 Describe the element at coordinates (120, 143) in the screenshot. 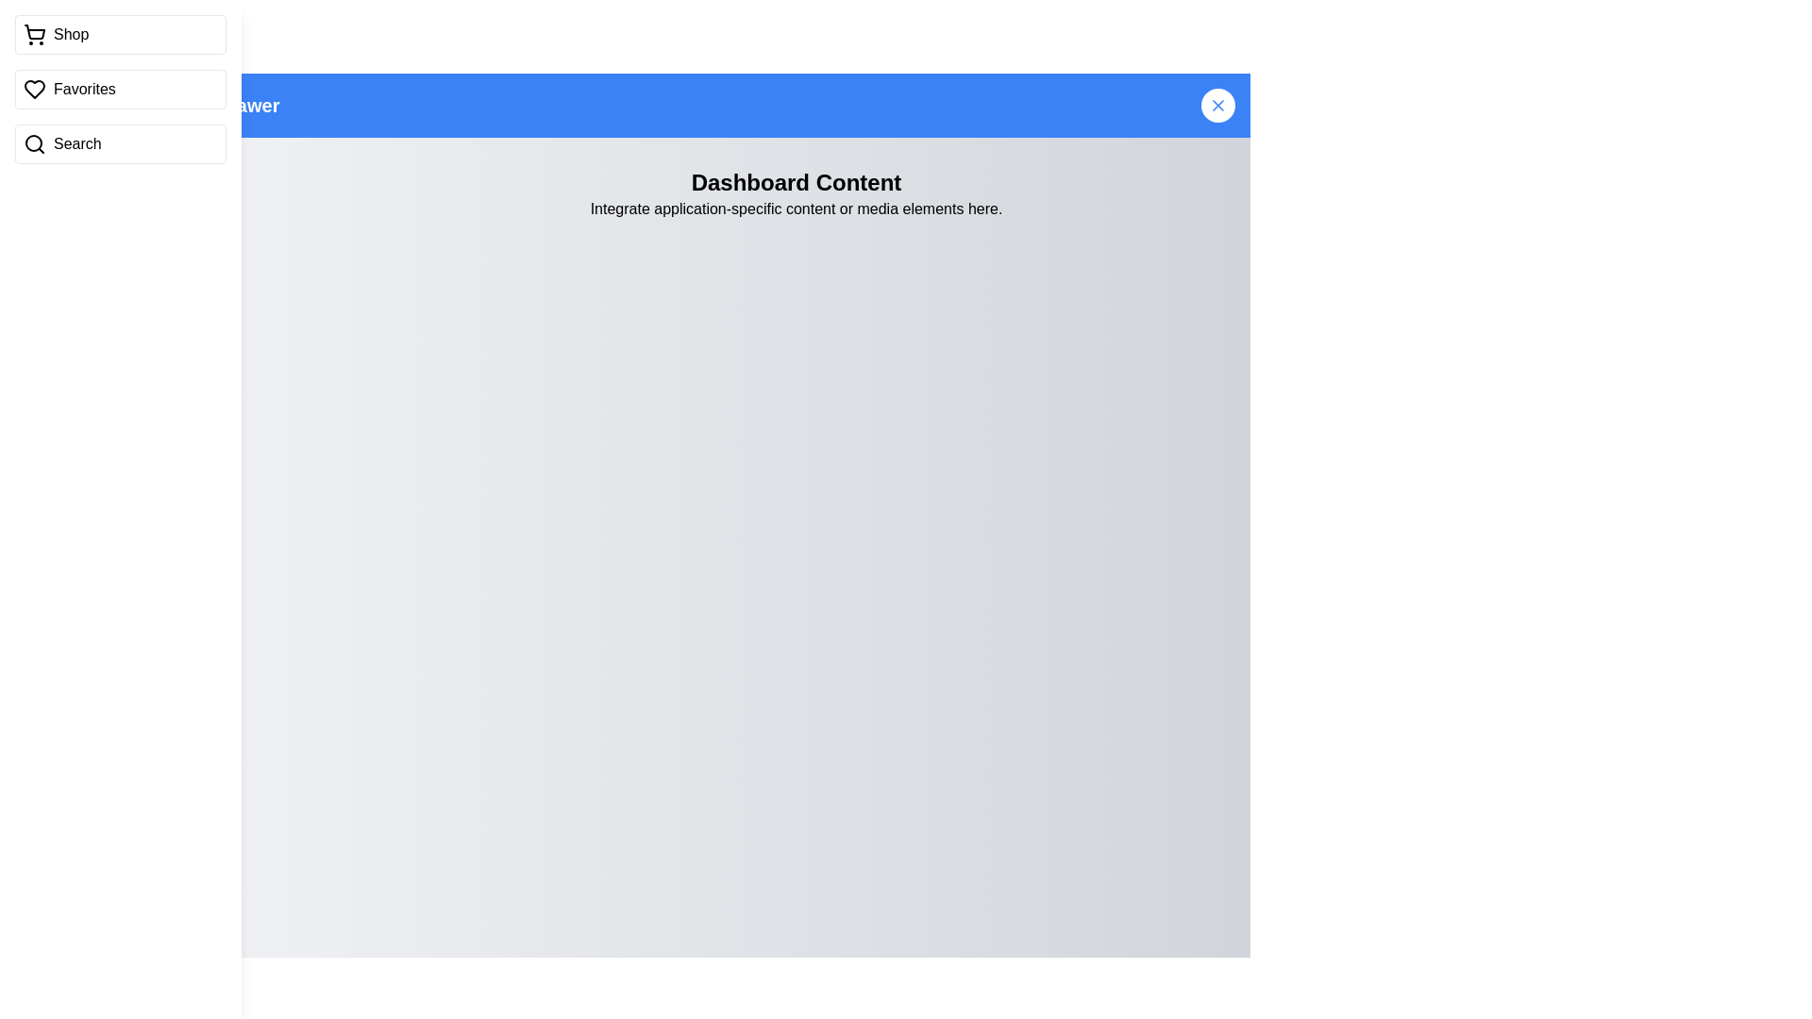

I see `the third button` at that location.